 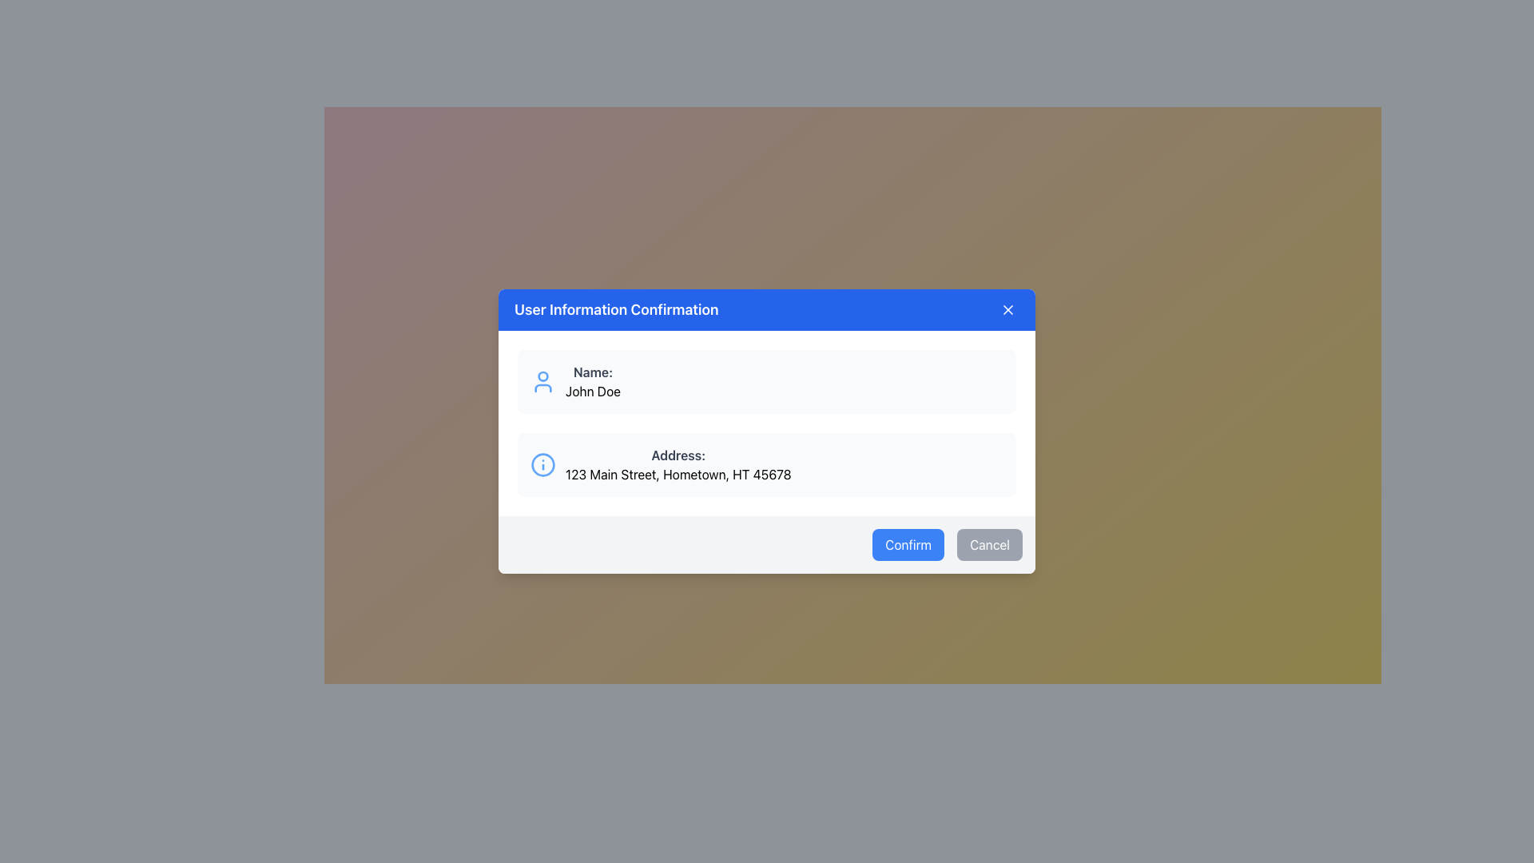 I want to click on the confirm button located at the bottom right of the interface, positioned to the left of the 'Cancel' button, to finalize the action, so click(x=908, y=544).